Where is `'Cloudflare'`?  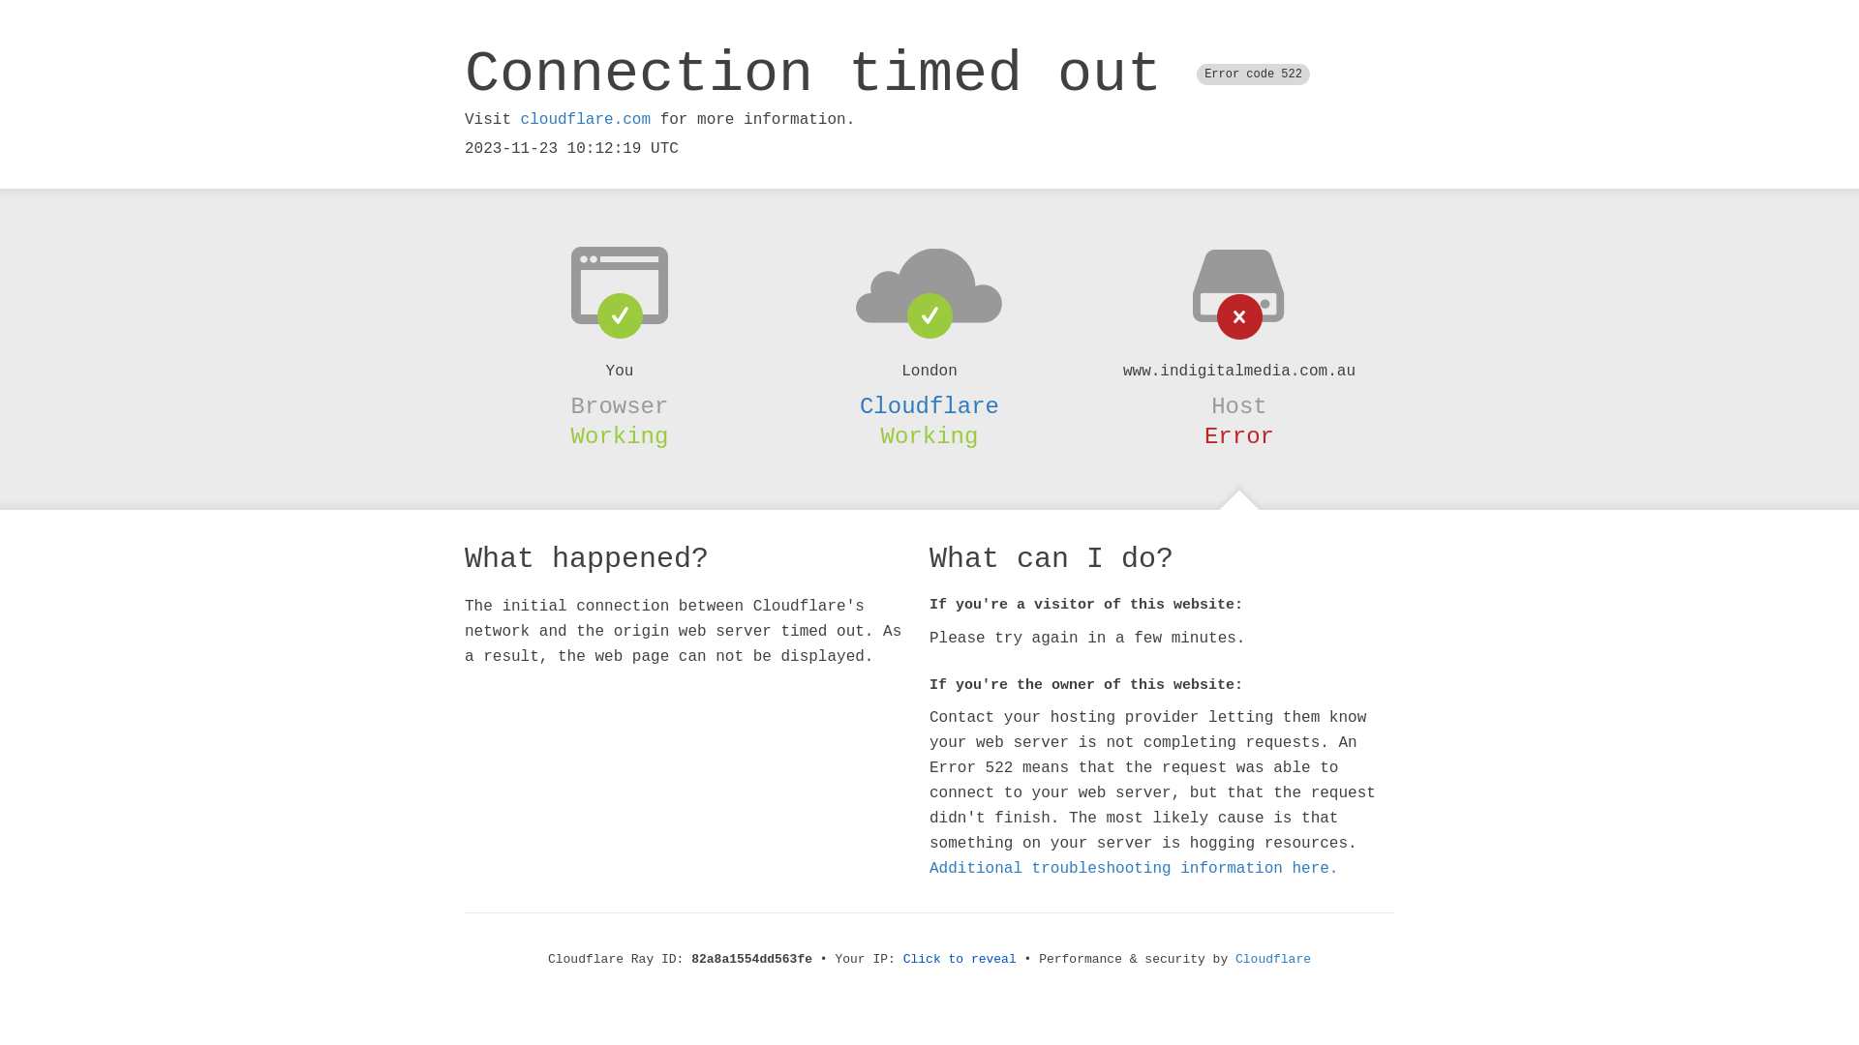 'Cloudflare' is located at coordinates (1234, 959).